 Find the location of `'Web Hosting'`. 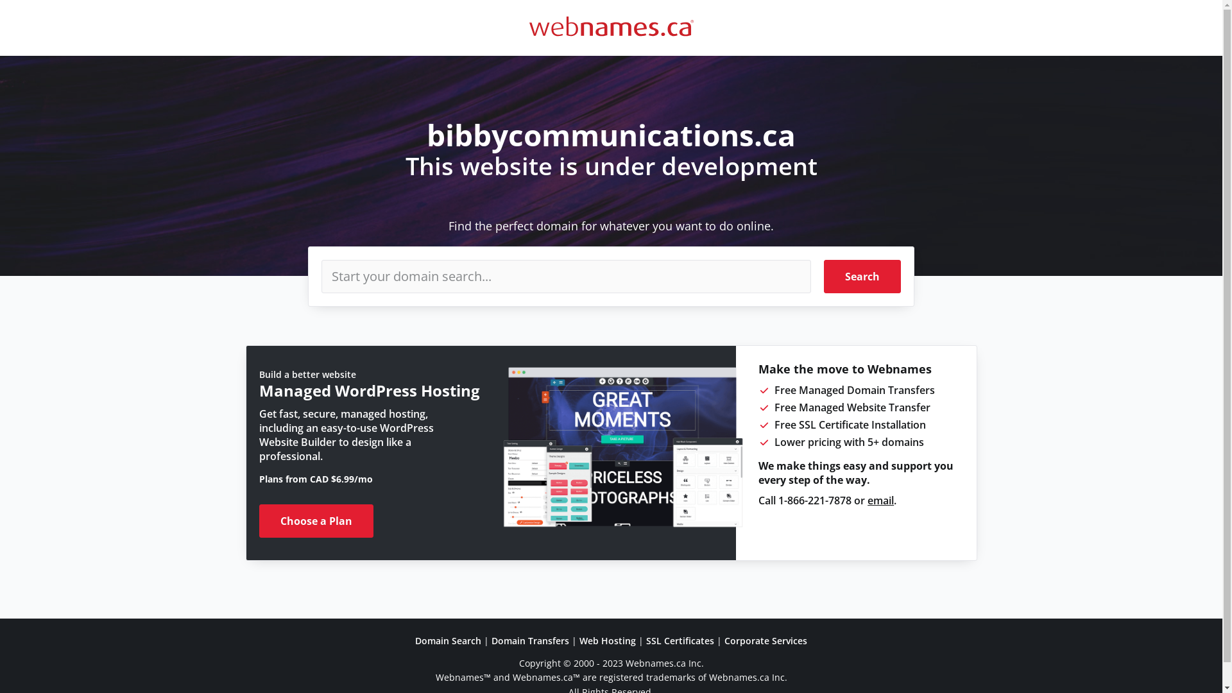

'Web Hosting' is located at coordinates (606, 640).